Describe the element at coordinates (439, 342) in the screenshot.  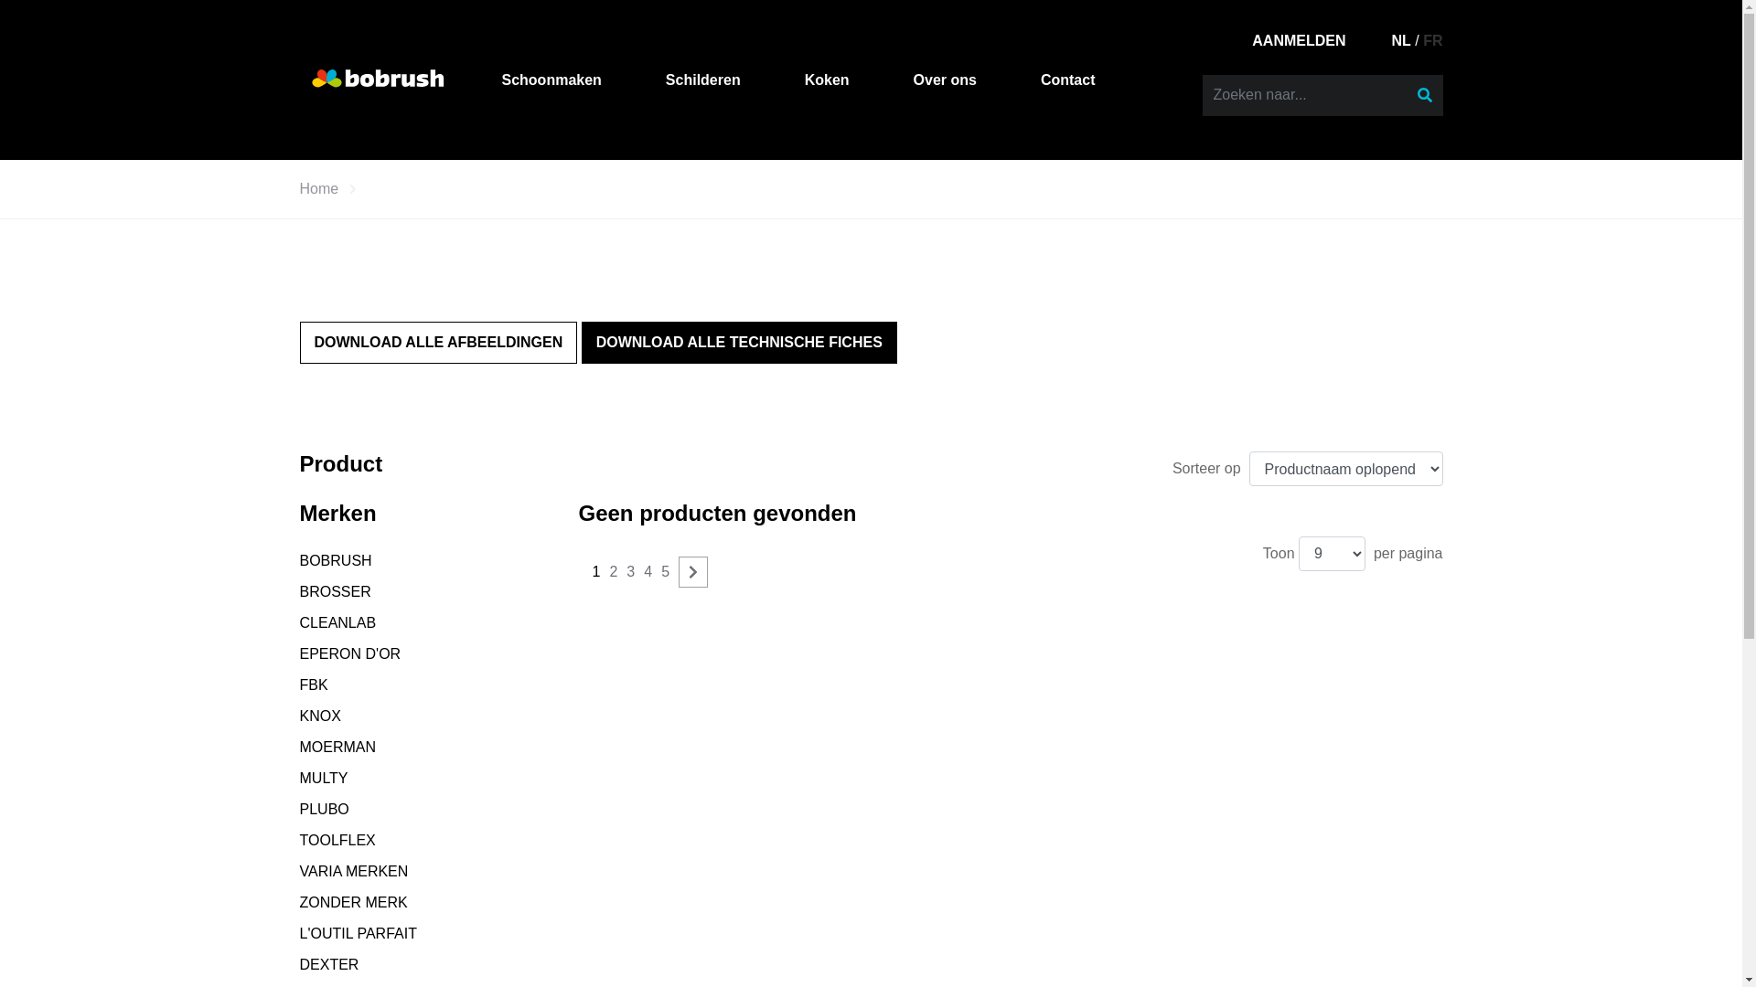
I see `'DOWNLOAD ALLE AFBEELDINGEN'` at that location.